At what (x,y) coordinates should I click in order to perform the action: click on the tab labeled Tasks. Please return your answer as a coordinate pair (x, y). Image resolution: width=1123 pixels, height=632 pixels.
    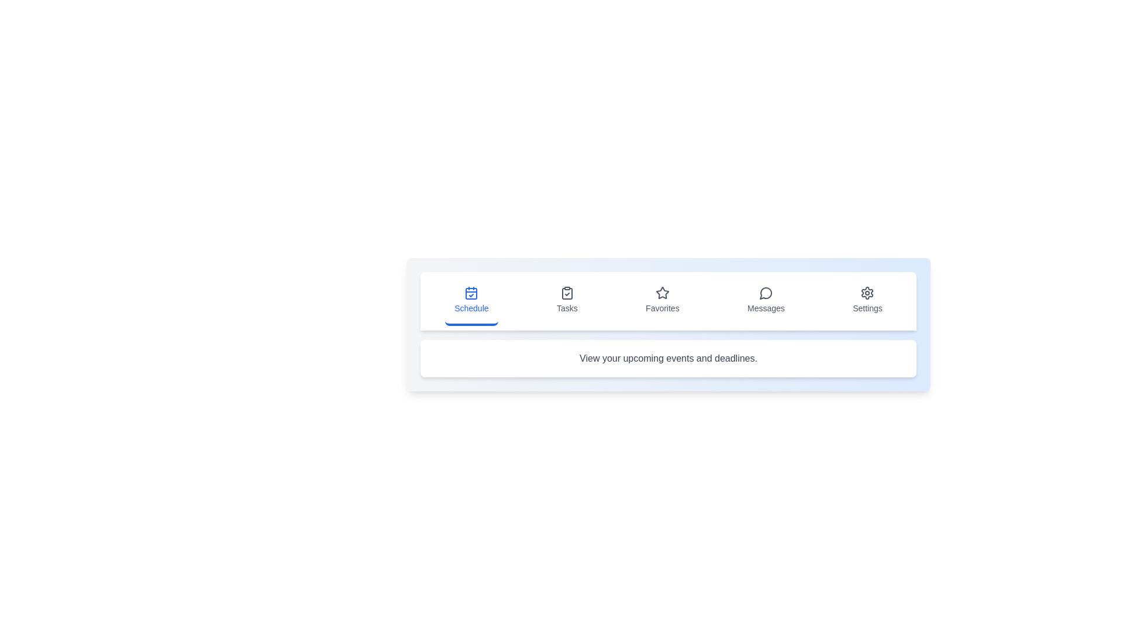
    Looking at the image, I should click on (567, 301).